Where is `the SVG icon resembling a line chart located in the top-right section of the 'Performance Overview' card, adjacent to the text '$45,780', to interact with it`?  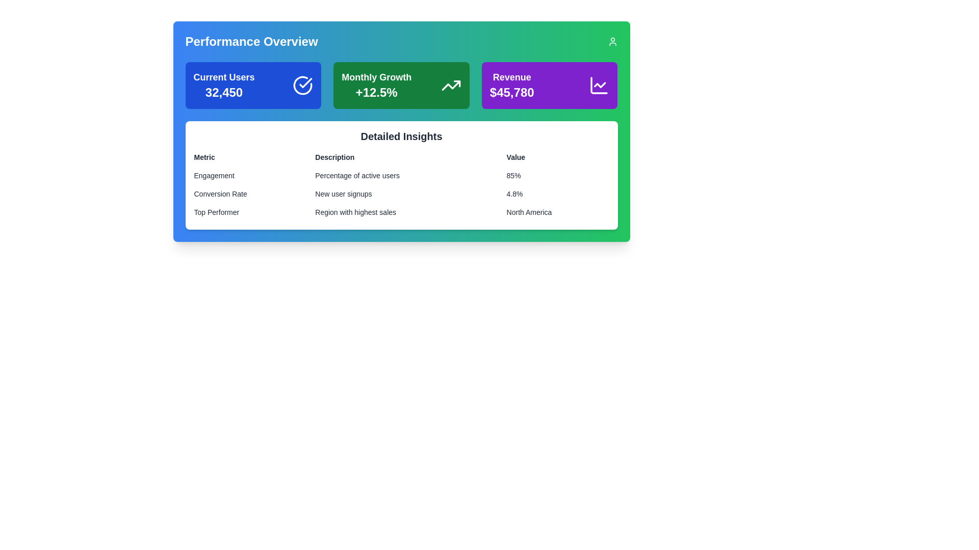
the SVG icon resembling a line chart located in the top-right section of the 'Performance Overview' card, adjacent to the text '$45,780', to interact with it is located at coordinates (599, 85).